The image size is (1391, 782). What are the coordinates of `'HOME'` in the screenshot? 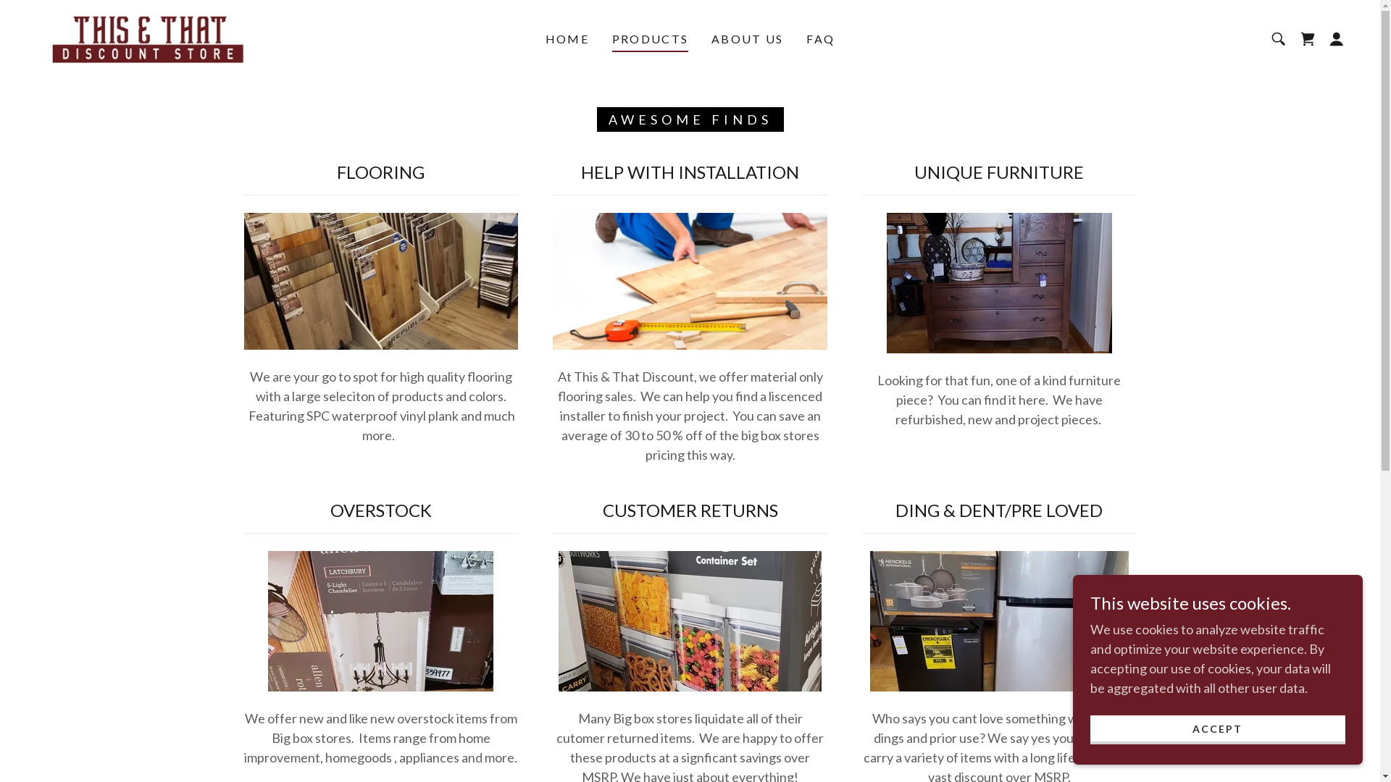 It's located at (540, 38).